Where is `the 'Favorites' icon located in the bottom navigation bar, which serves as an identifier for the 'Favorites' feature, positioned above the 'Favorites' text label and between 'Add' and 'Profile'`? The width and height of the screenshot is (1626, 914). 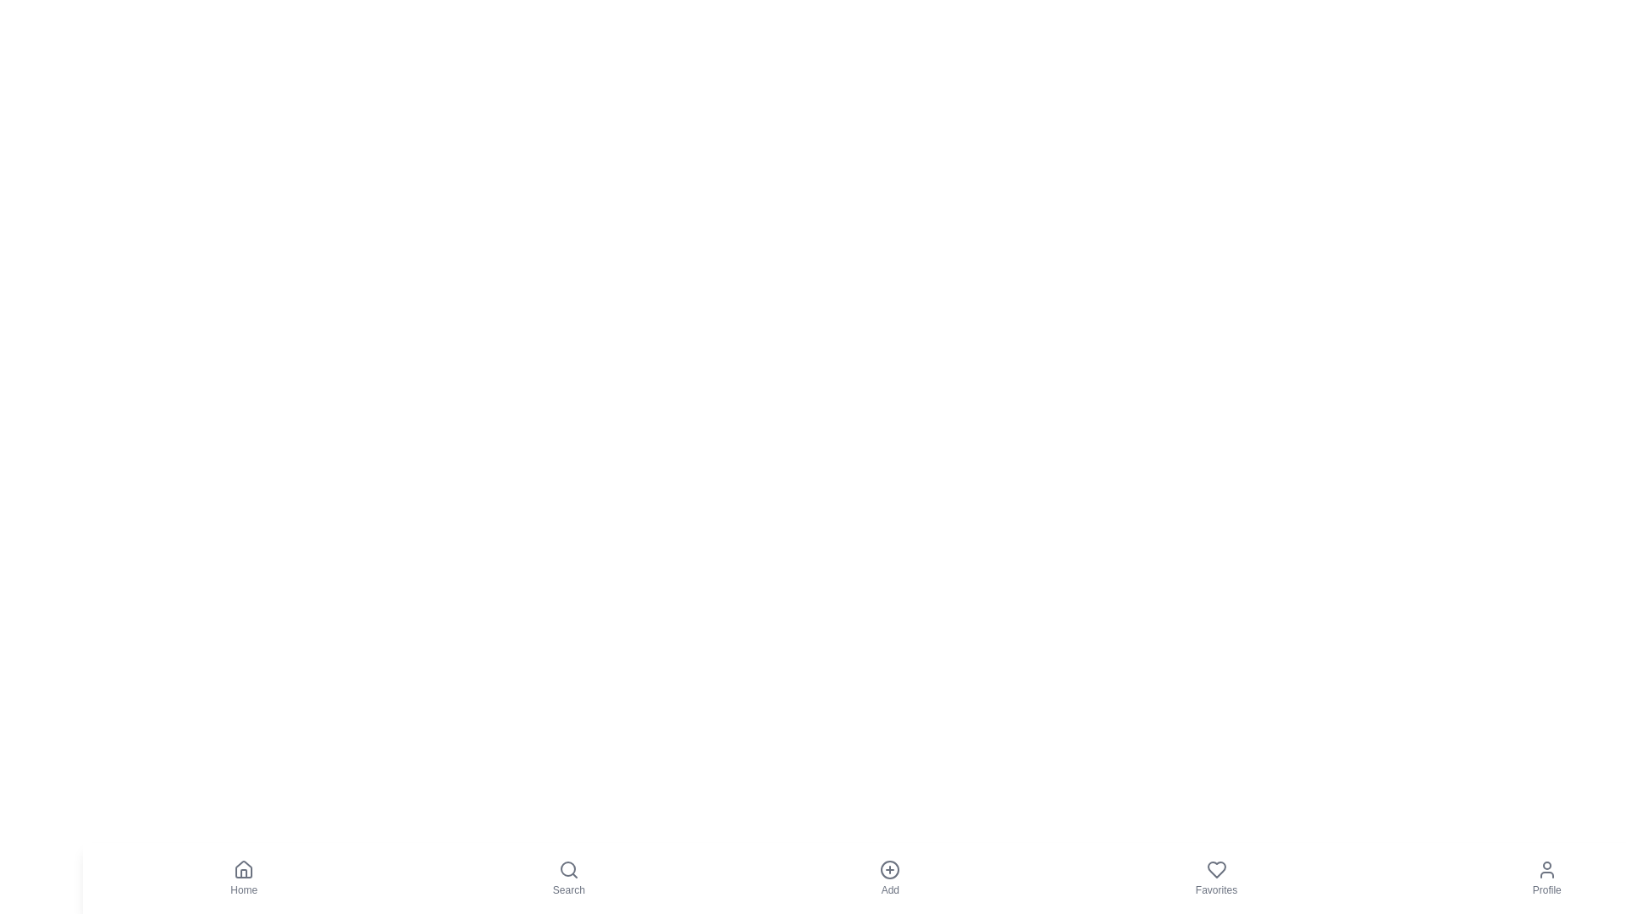
the 'Favorites' icon located in the bottom navigation bar, which serves as an identifier for the 'Favorites' feature, positioned above the 'Favorites' text label and between 'Add' and 'Profile' is located at coordinates (1215, 870).